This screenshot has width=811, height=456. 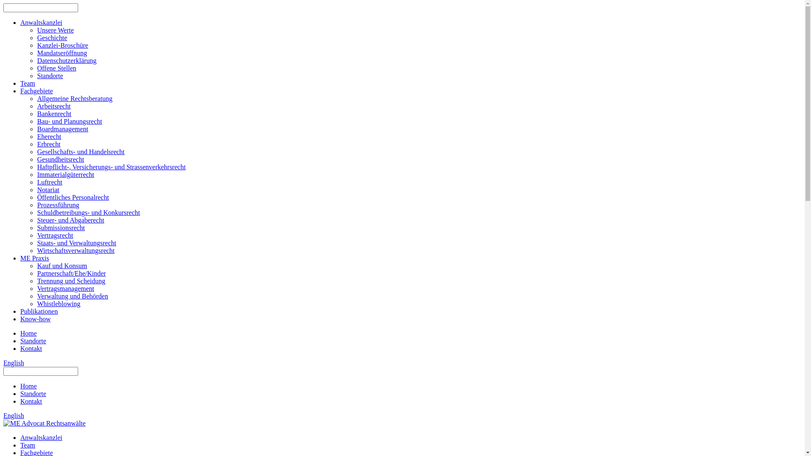 I want to click on 'Offene Stellen', so click(x=56, y=68).